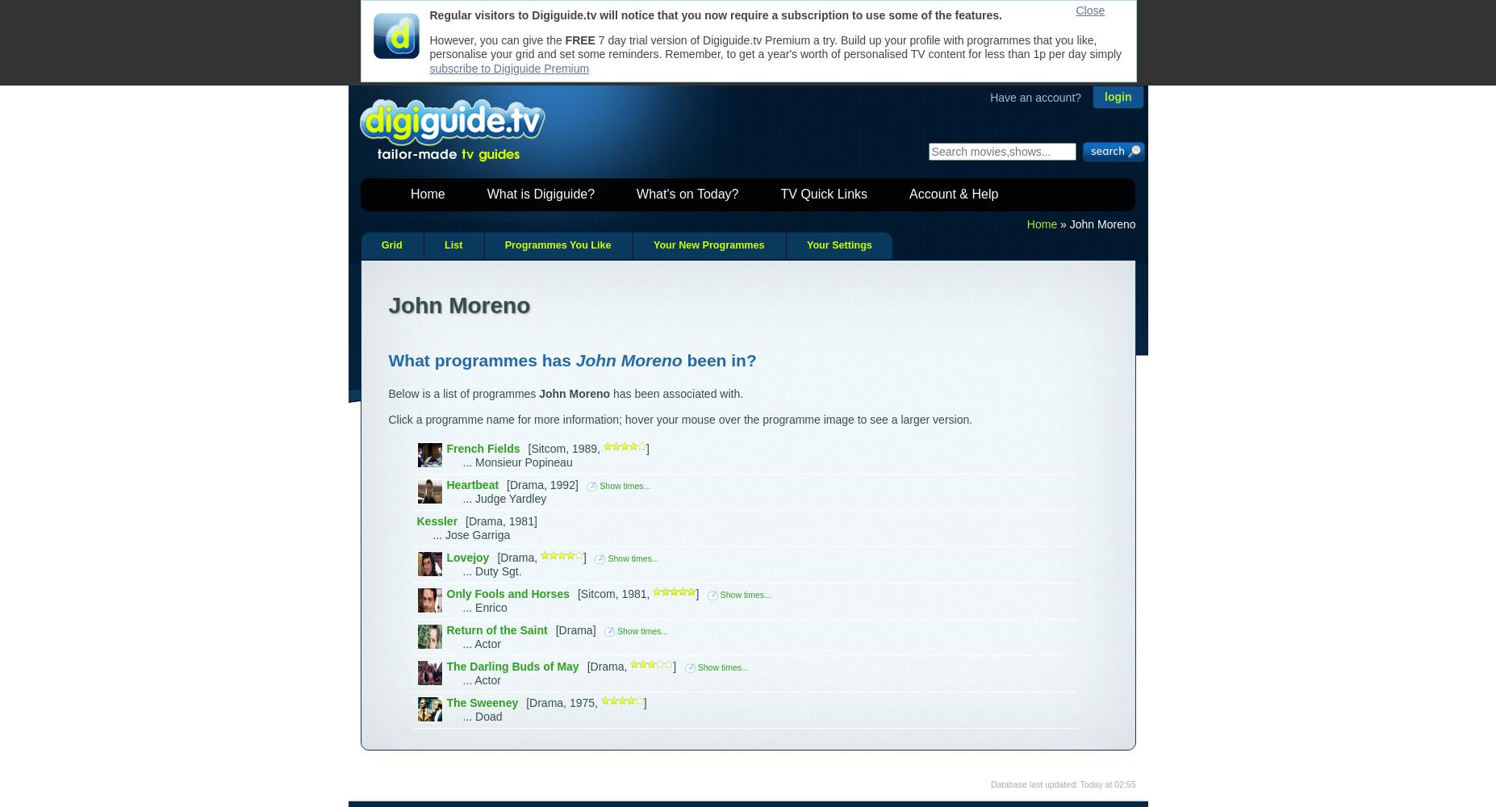 This screenshot has width=1496, height=807. What do you see at coordinates (1089, 10) in the screenshot?
I see `'Close'` at bounding box center [1089, 10].